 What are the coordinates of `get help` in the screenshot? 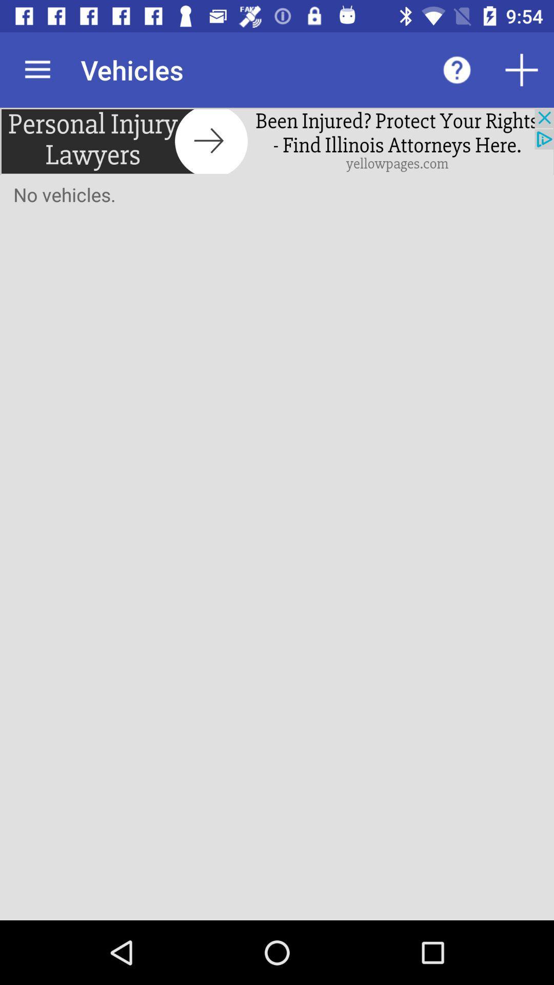 It's located at (457, 69).